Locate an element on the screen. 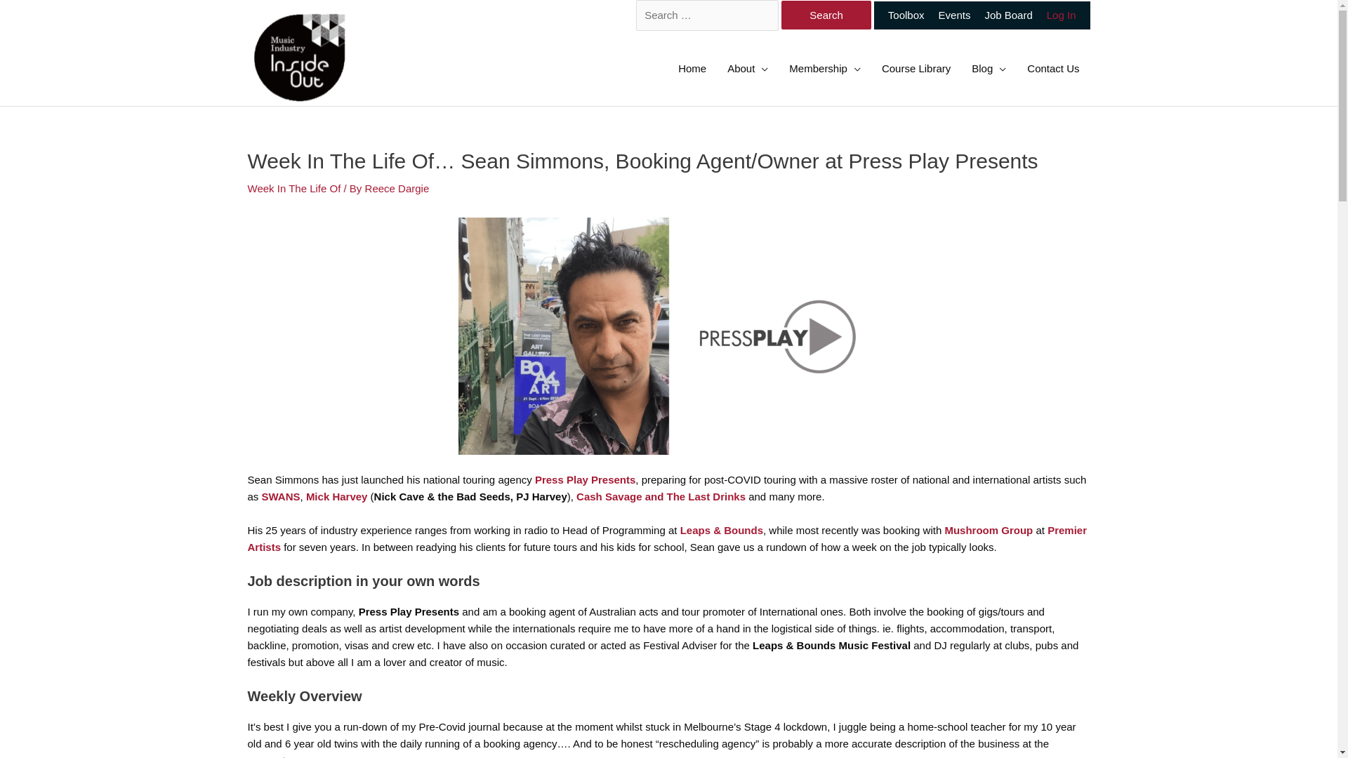 Image resolution: width=1348 pixels, height=758 pixels. 'Log In' is located at coordinates (1047, 15).